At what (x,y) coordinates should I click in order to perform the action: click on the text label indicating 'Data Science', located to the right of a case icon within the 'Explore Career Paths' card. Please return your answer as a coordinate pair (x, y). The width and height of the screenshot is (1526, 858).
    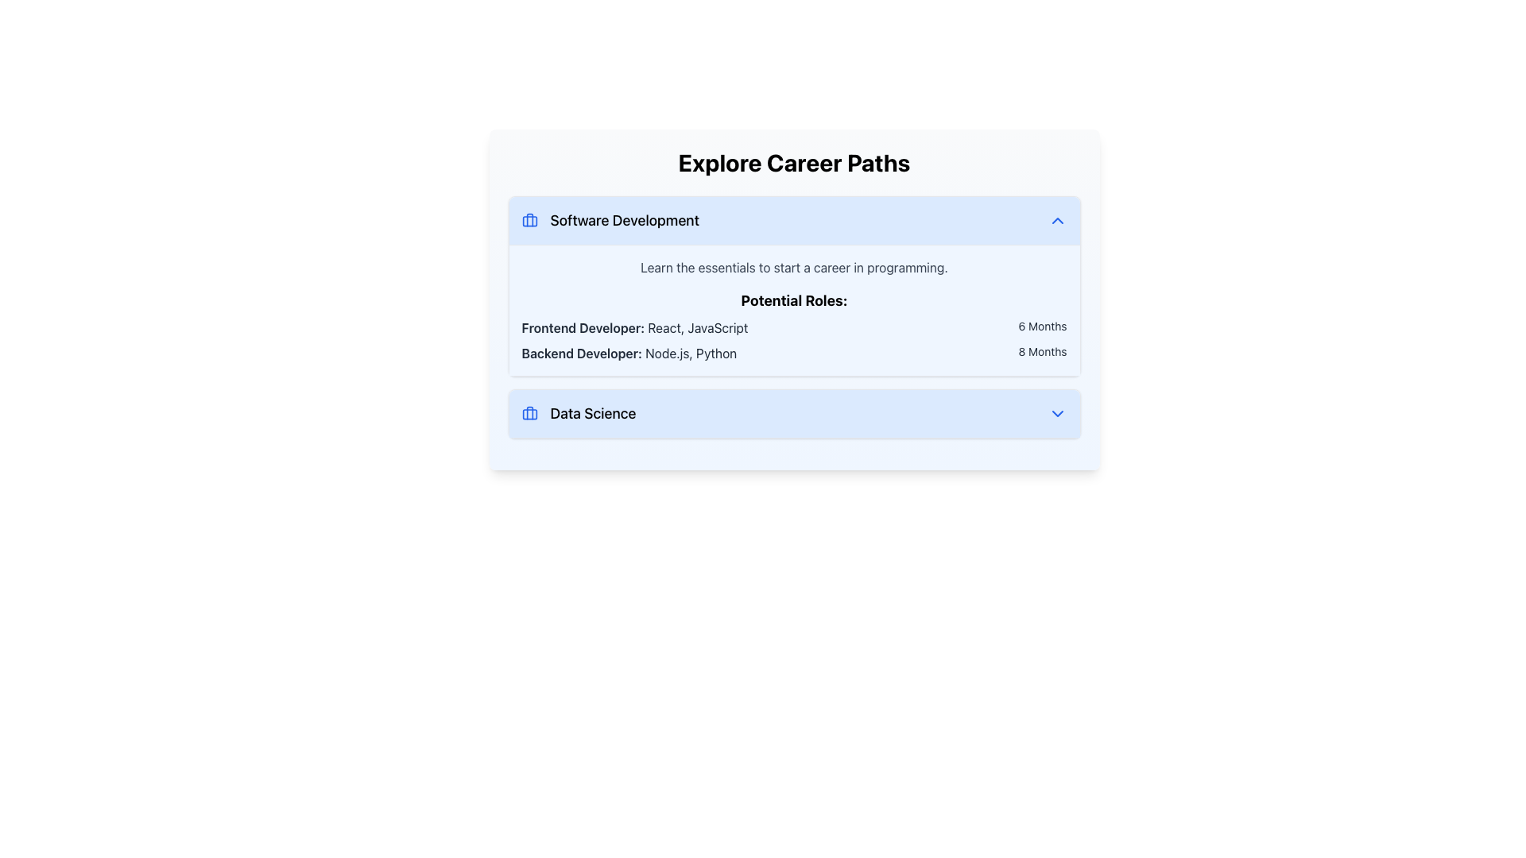
    Looking at the image, I should click on (592, 412).